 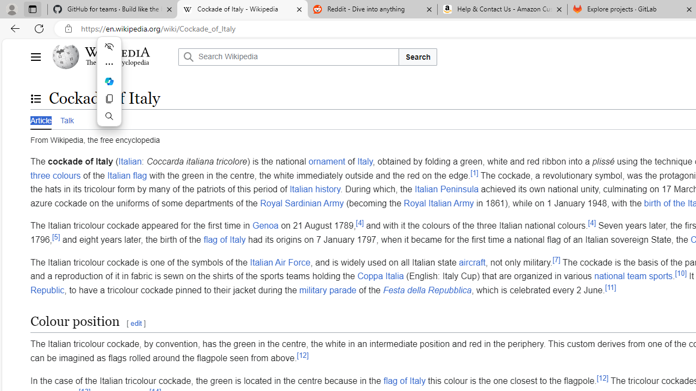 What do you see at coordinates (680, 273) in the screenshot?
I see `'[10]'` at bounding box center [680, 273].